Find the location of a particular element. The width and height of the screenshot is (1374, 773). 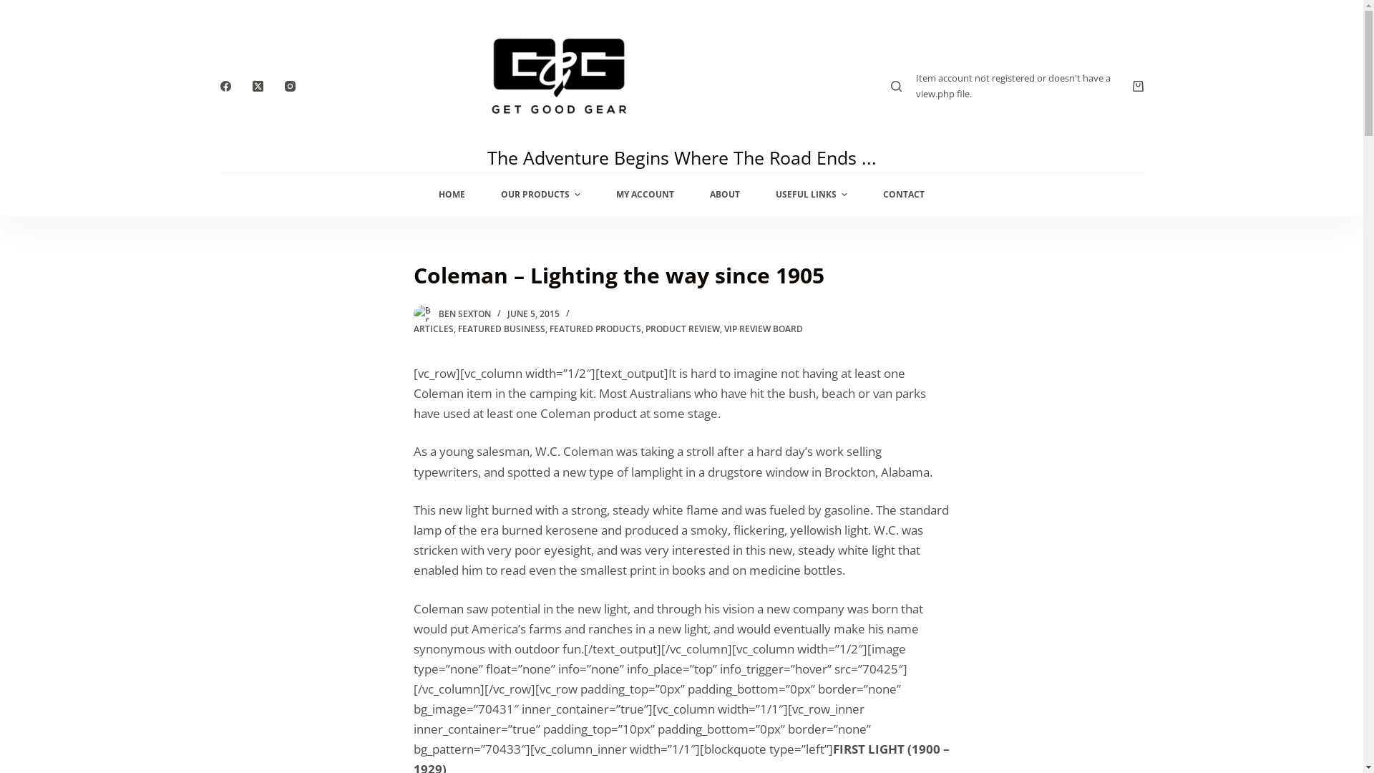

'ABOUT' is located at coordinates (724, 195).